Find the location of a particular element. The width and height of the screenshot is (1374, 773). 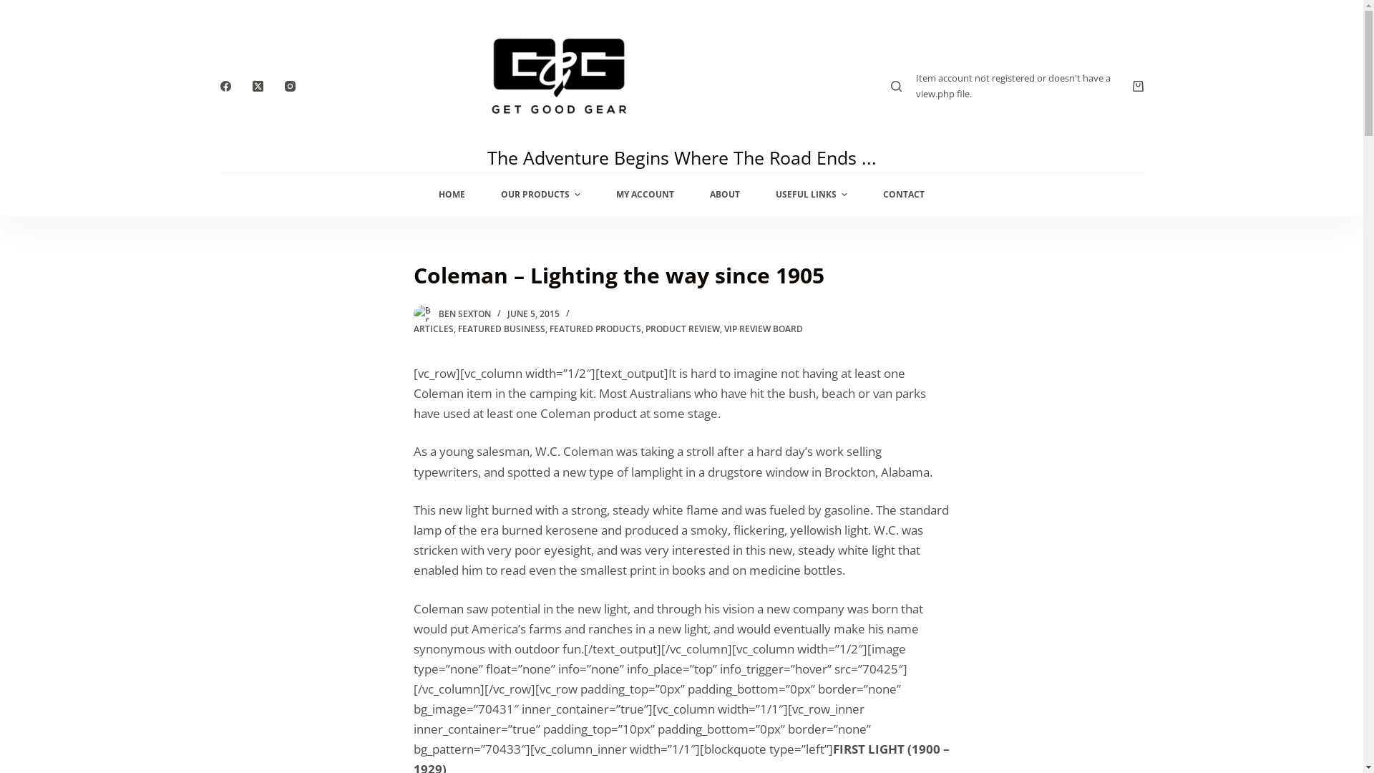

'ABOUT' is located at coordinates (724, 195).